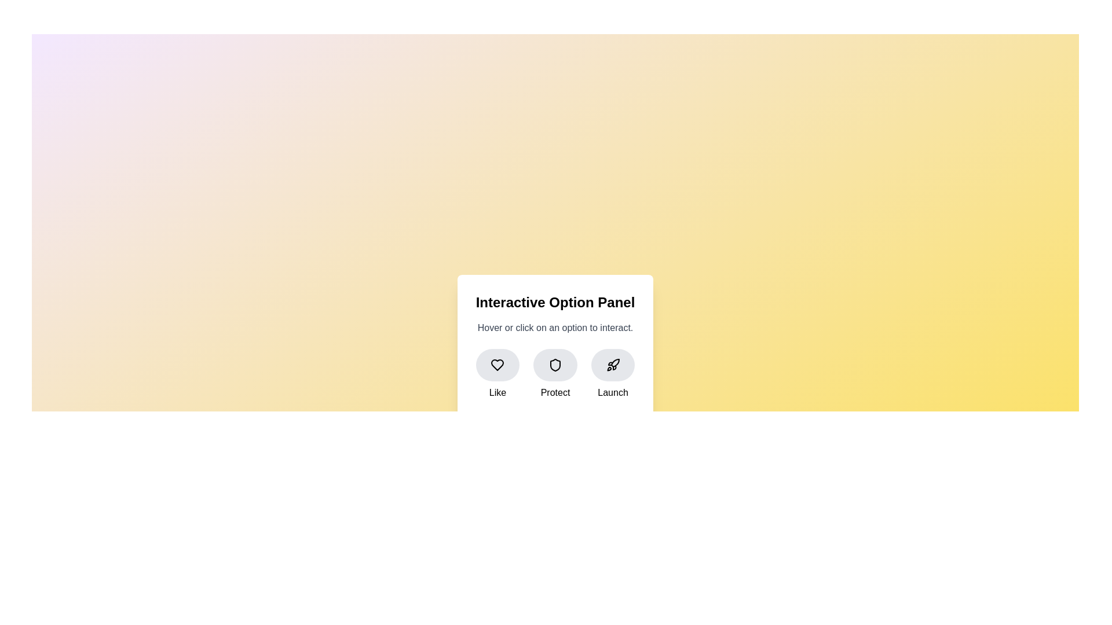  Describe the element at coordinates (612, 392) in the screenshot. I see `the 'Launch' text label, which is styled with medium font weight and located to the far right among three horizontally aligned options in the interactive panel` at that location.